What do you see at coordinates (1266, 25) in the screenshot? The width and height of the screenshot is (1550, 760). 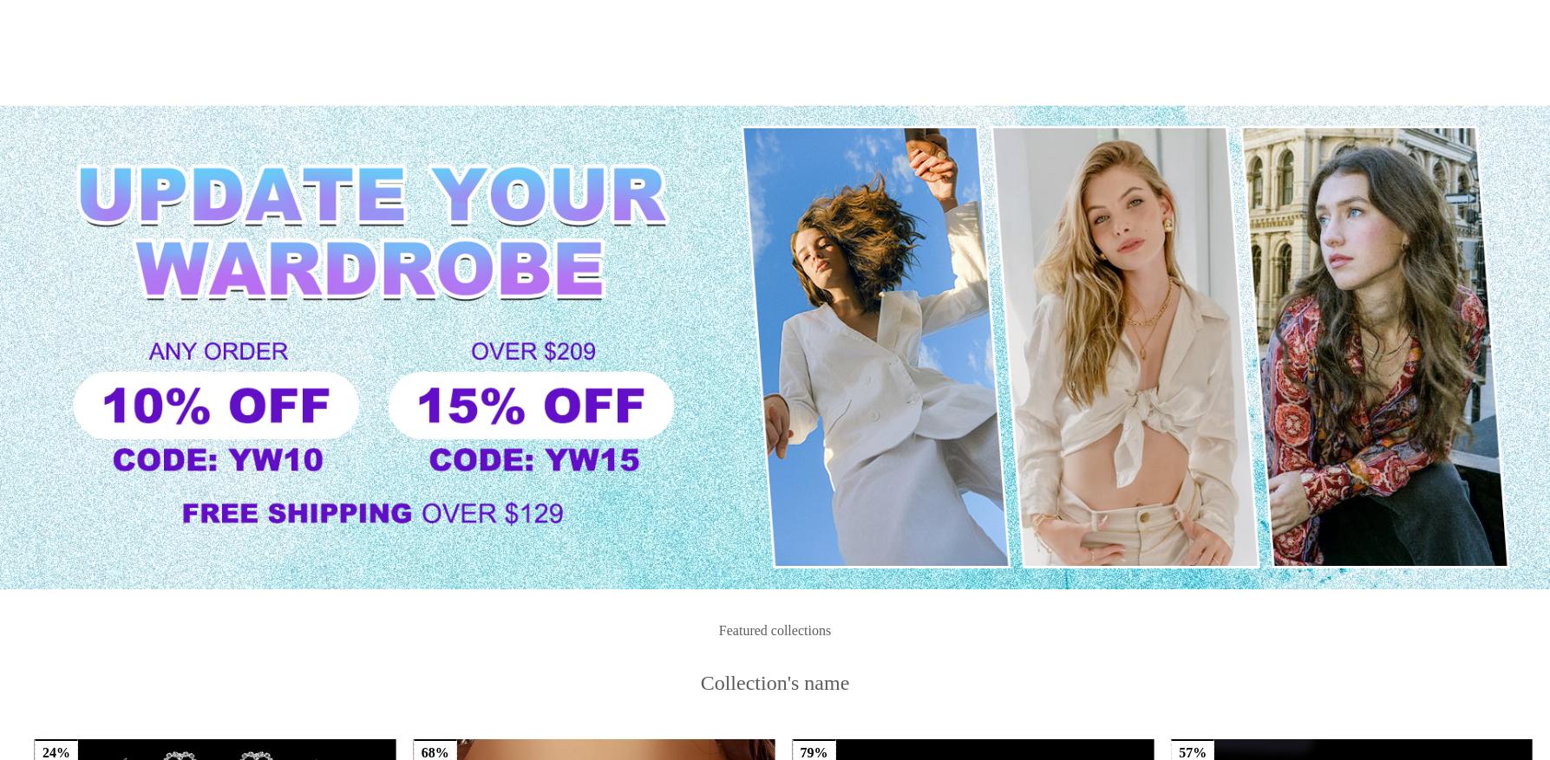 I see `'Message'` at bounding box center [1266, 25].